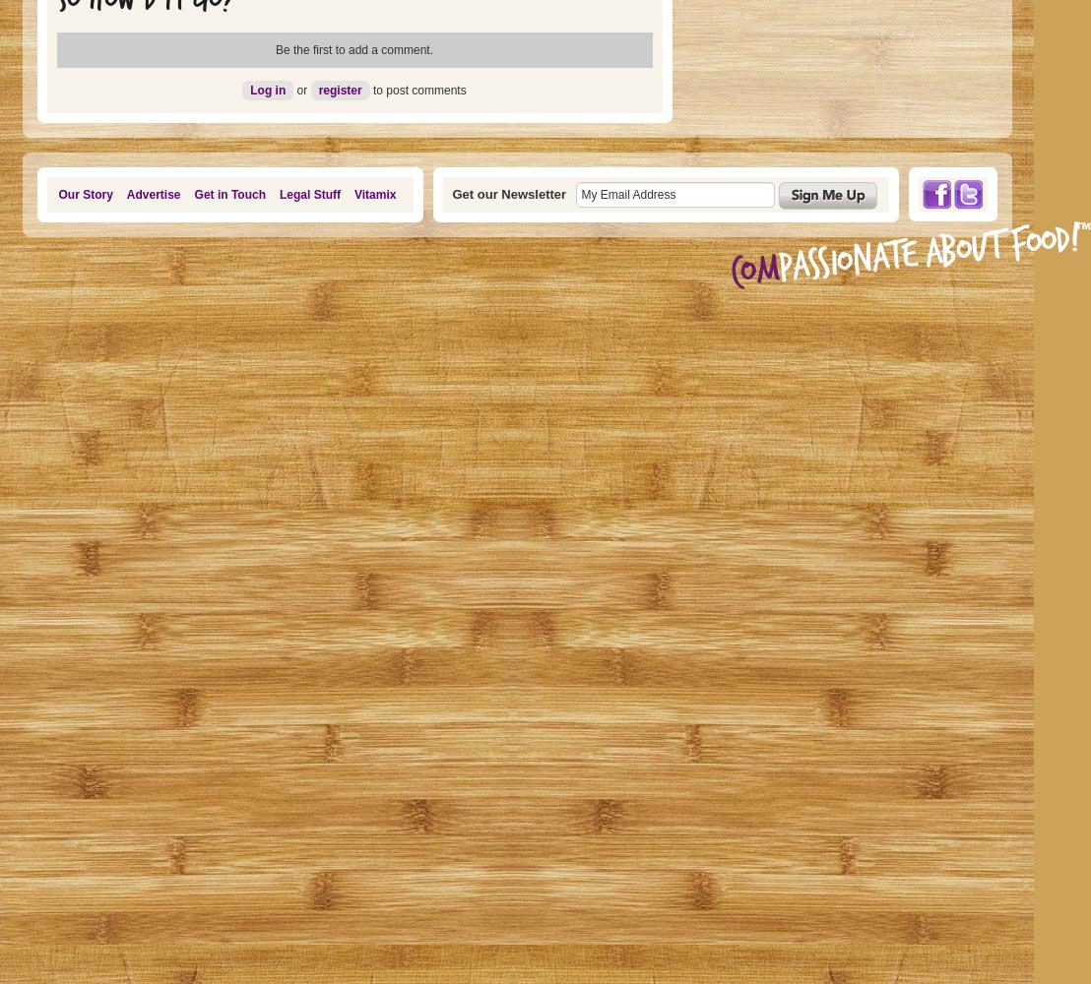 The height and width of the screenshot is (984, 1091). I want to click on 'Get in Touch', so click(228, 194).